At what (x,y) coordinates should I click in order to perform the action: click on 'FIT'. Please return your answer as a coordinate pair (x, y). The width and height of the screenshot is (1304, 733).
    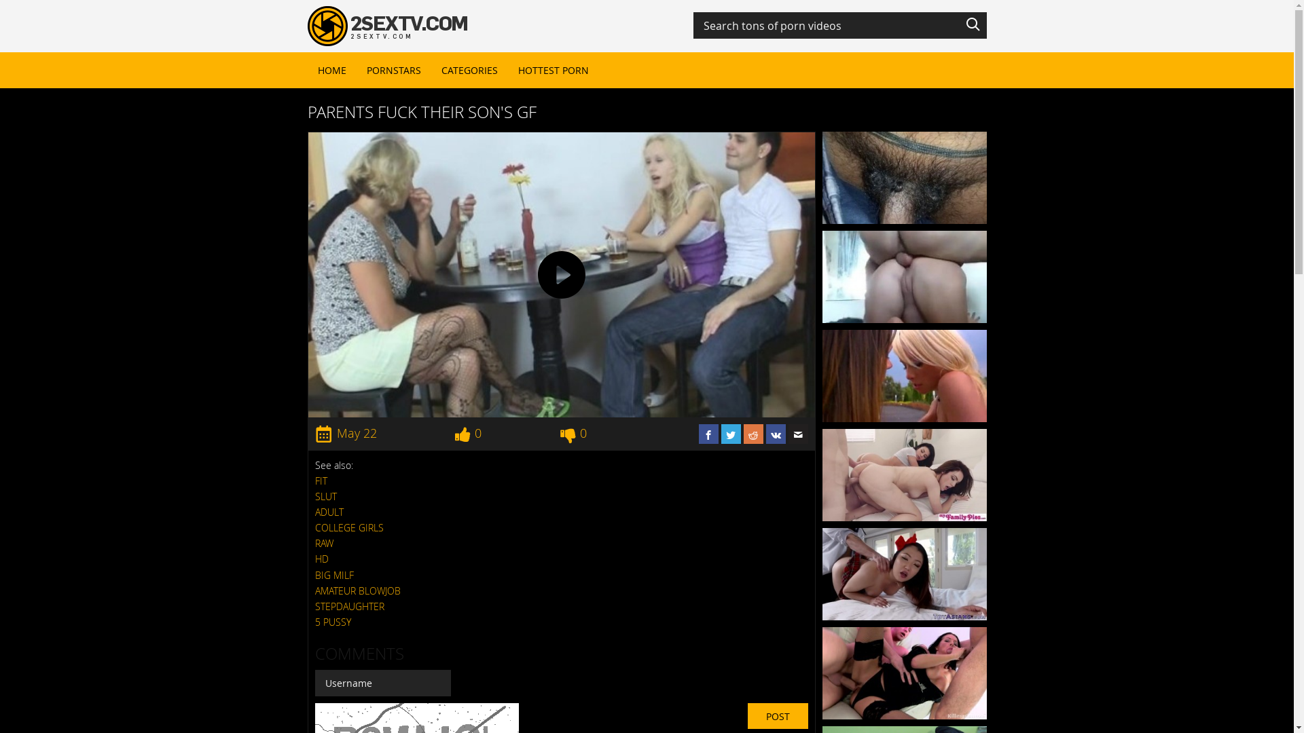
    Looking at the image, I should click on (321, 480).